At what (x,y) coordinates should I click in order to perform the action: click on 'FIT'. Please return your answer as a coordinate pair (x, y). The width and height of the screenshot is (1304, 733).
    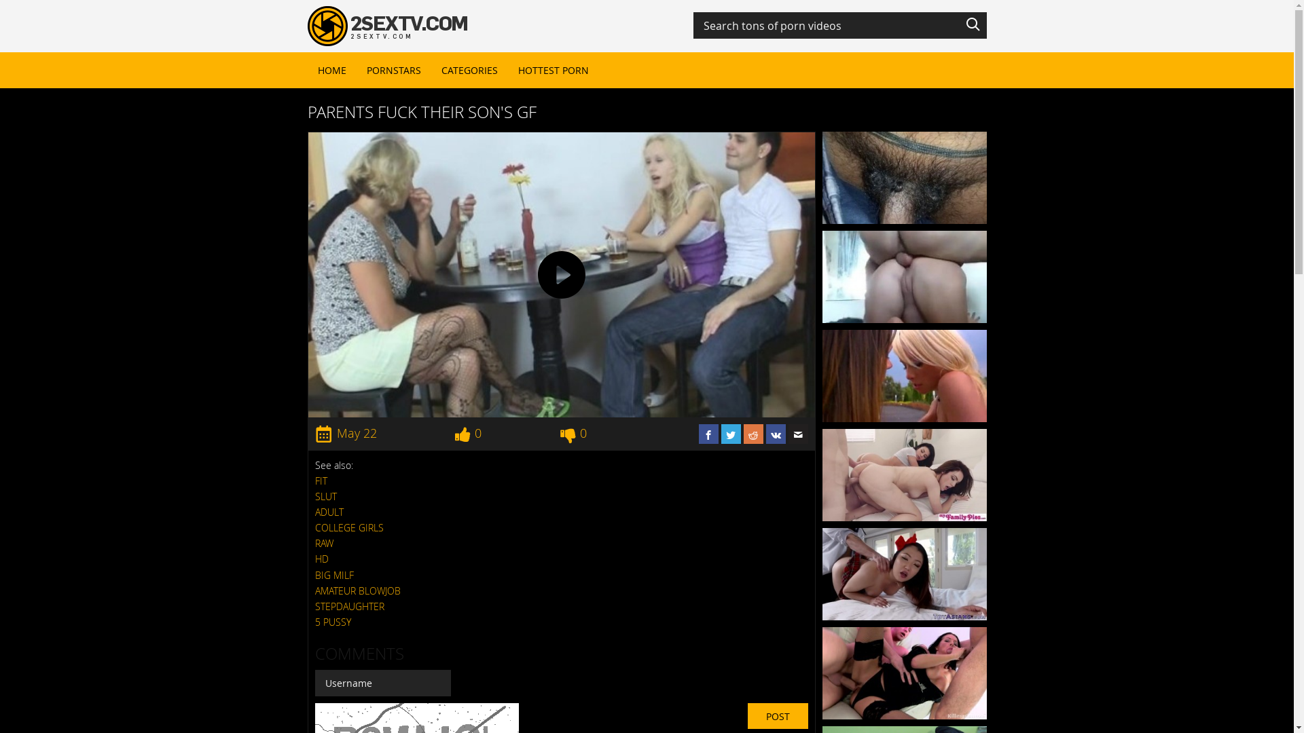
    Looking at the image, I should click on (321, 480).